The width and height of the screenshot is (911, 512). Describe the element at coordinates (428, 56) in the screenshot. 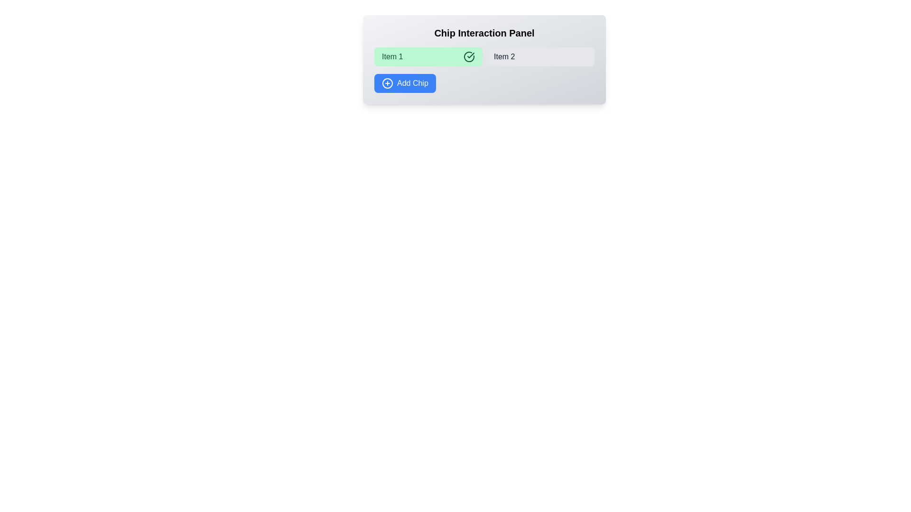

I see `the chip labeled Item 1` at that location.